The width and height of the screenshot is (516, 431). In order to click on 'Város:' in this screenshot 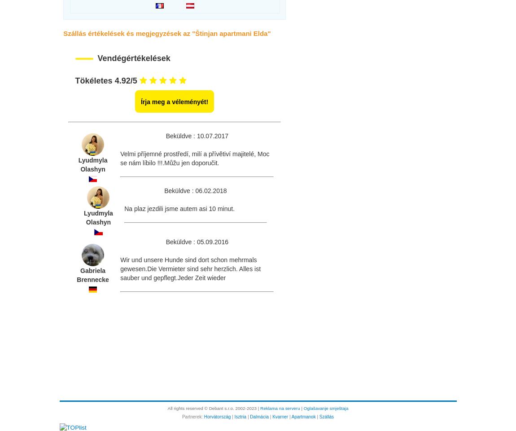, I will do `click(70, 415)`.